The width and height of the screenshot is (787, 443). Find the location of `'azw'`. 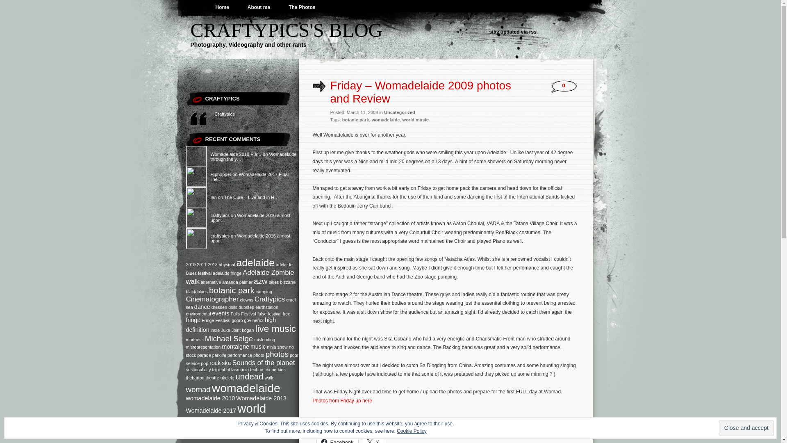

'azw' is located at coordinates (253, 281).